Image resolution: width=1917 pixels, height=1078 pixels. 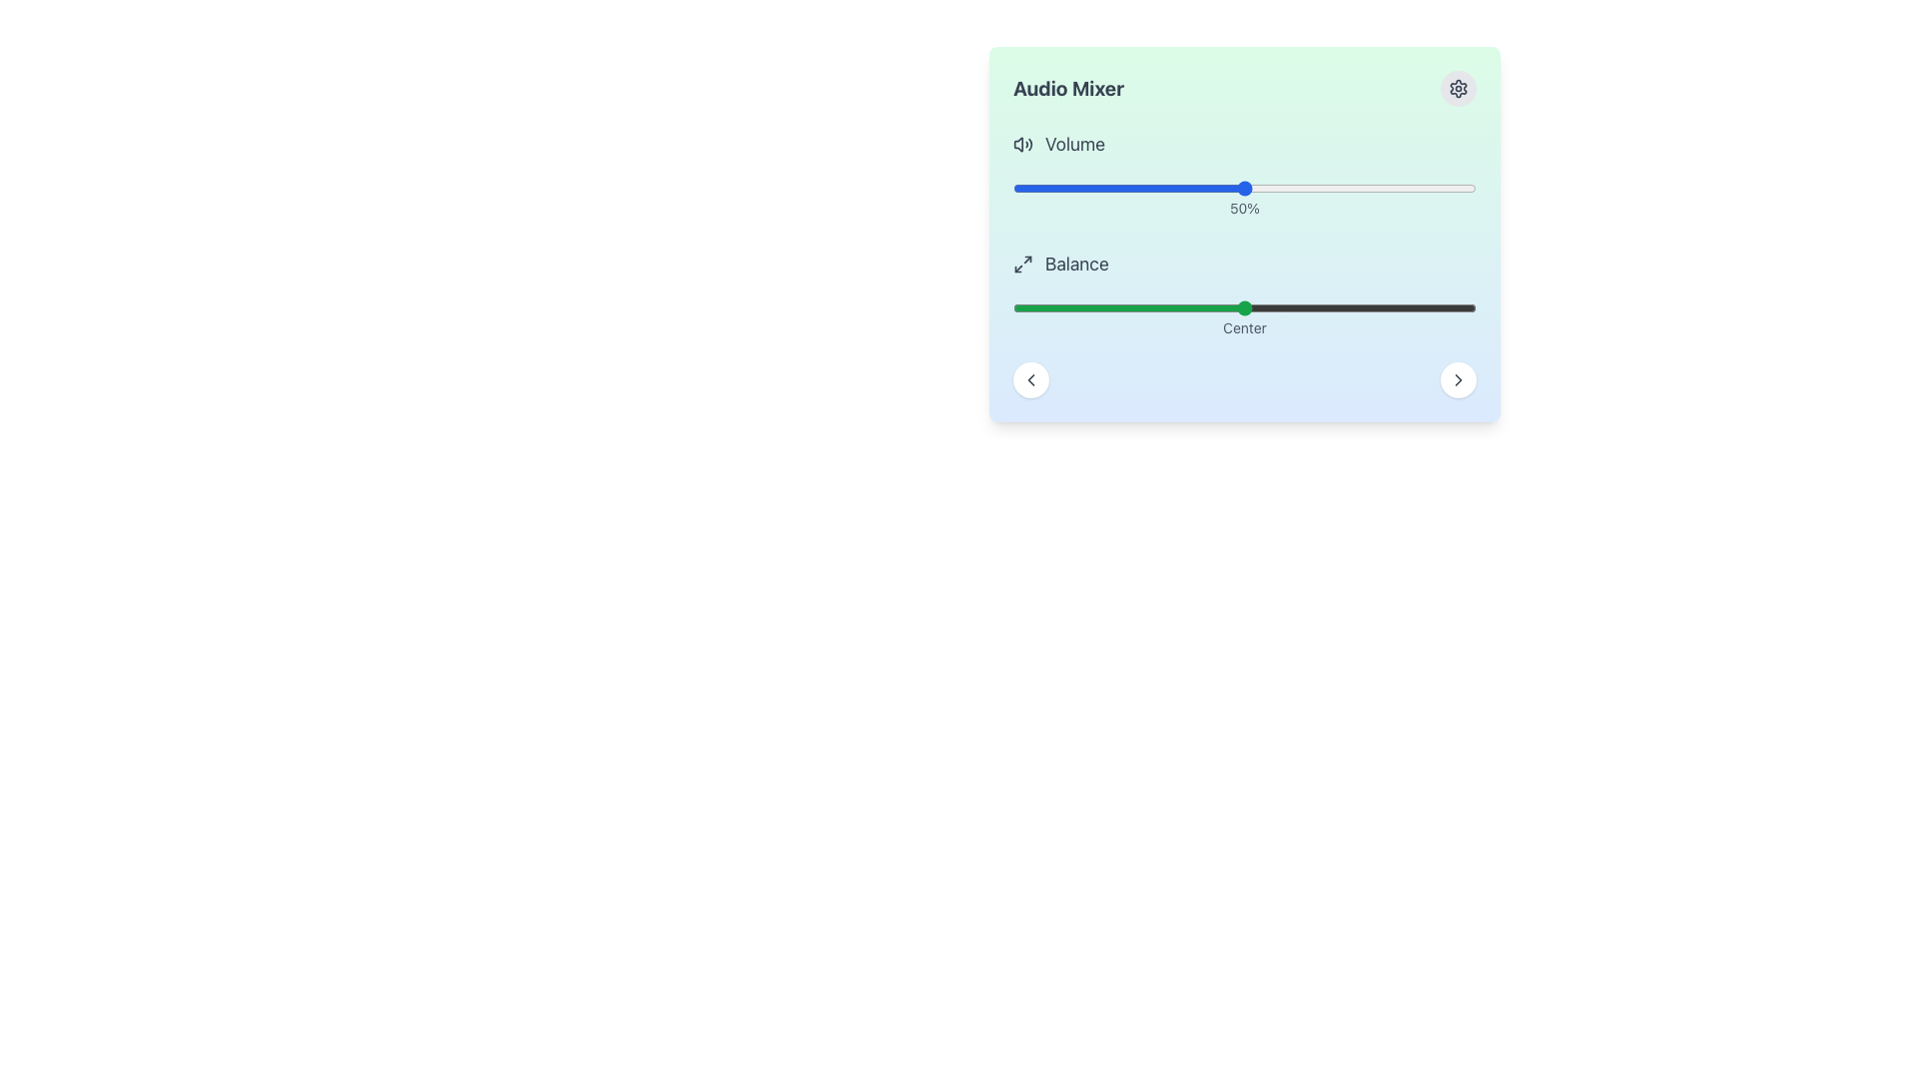 I want to click on the Navigation control bar located at the bottom of the 'Audio Mixer' settings box, so click(x=1244, y=380).